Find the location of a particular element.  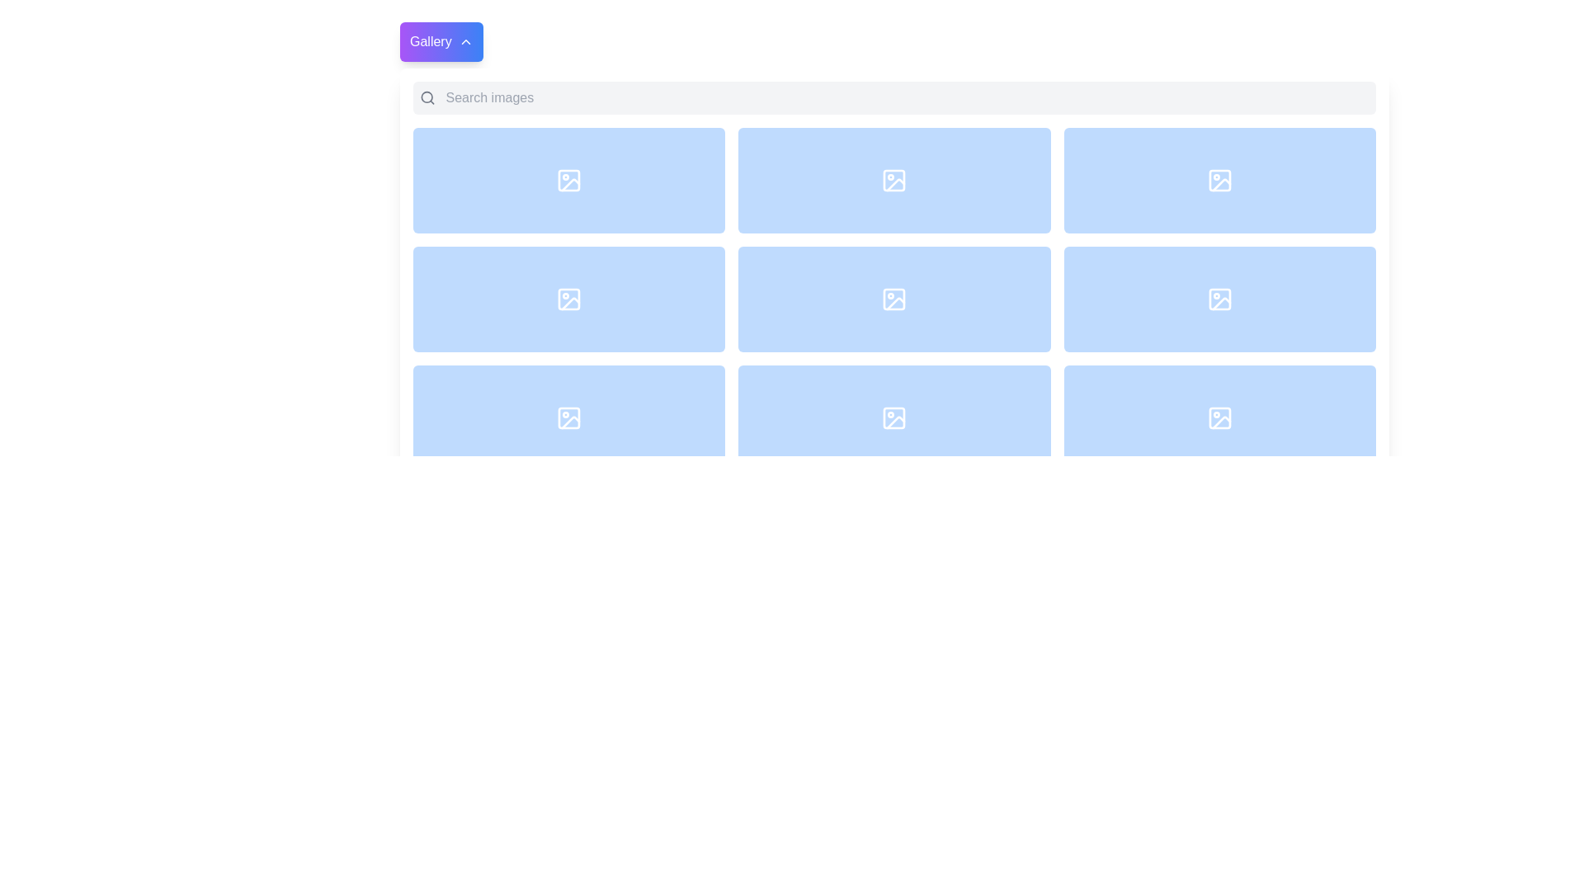

the image placeholder icon located at the center of the middle row in the grid layout is located at coordinates (893, 299).